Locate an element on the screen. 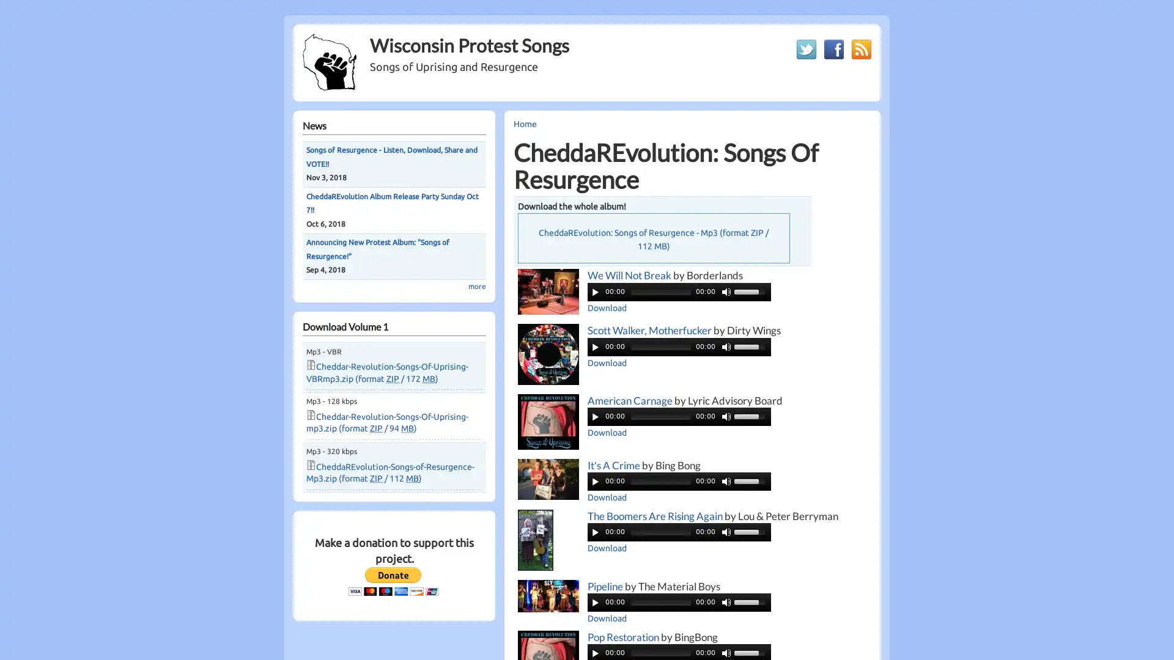  Mute Toggle is located at coordinates (726, 652).